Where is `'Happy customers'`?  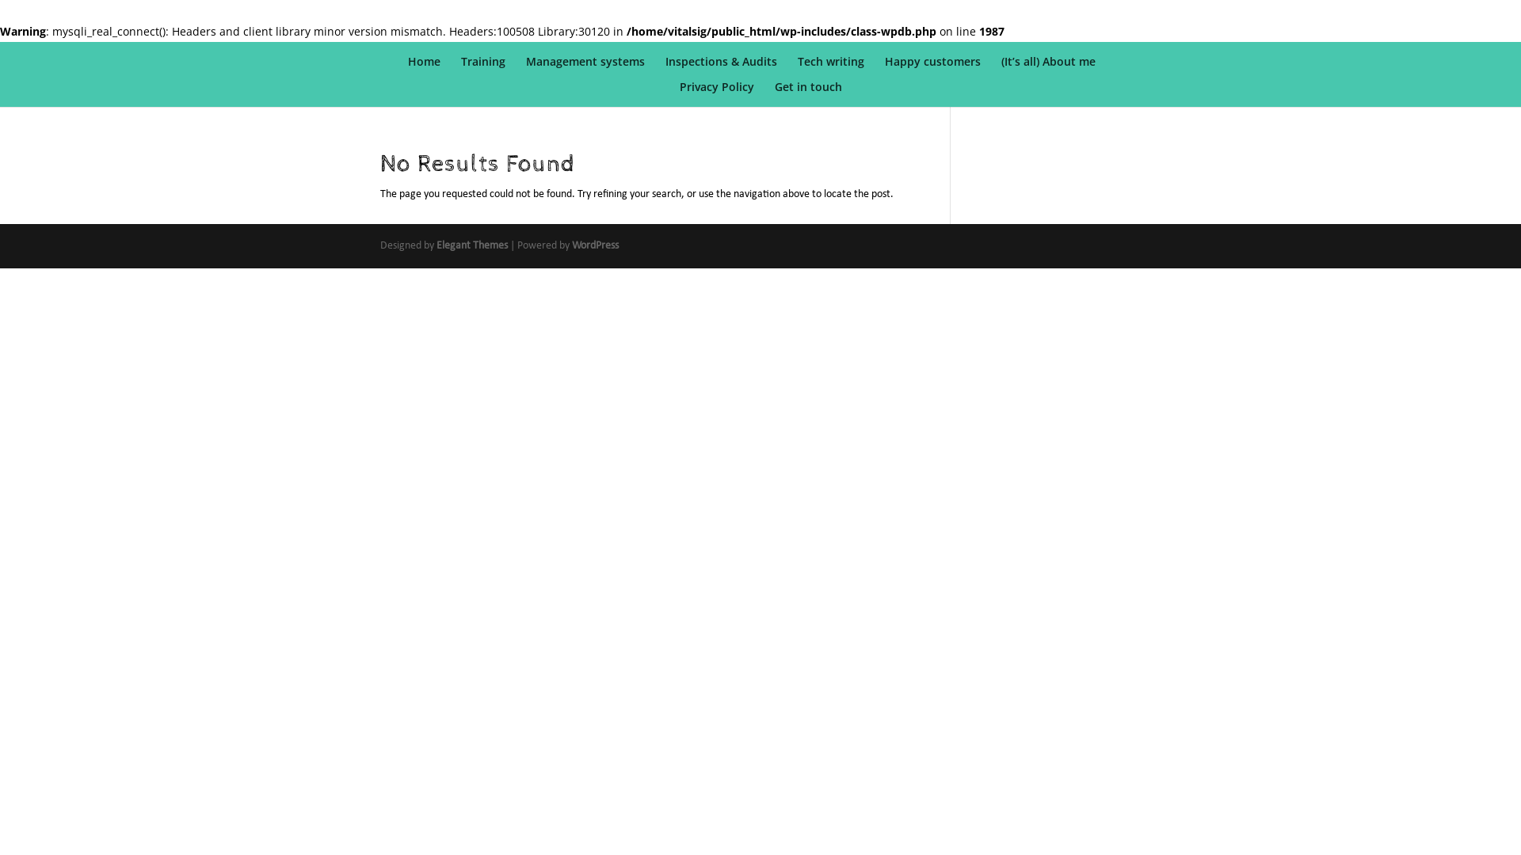 'Happy customers' is located at coordinates (932, 68).